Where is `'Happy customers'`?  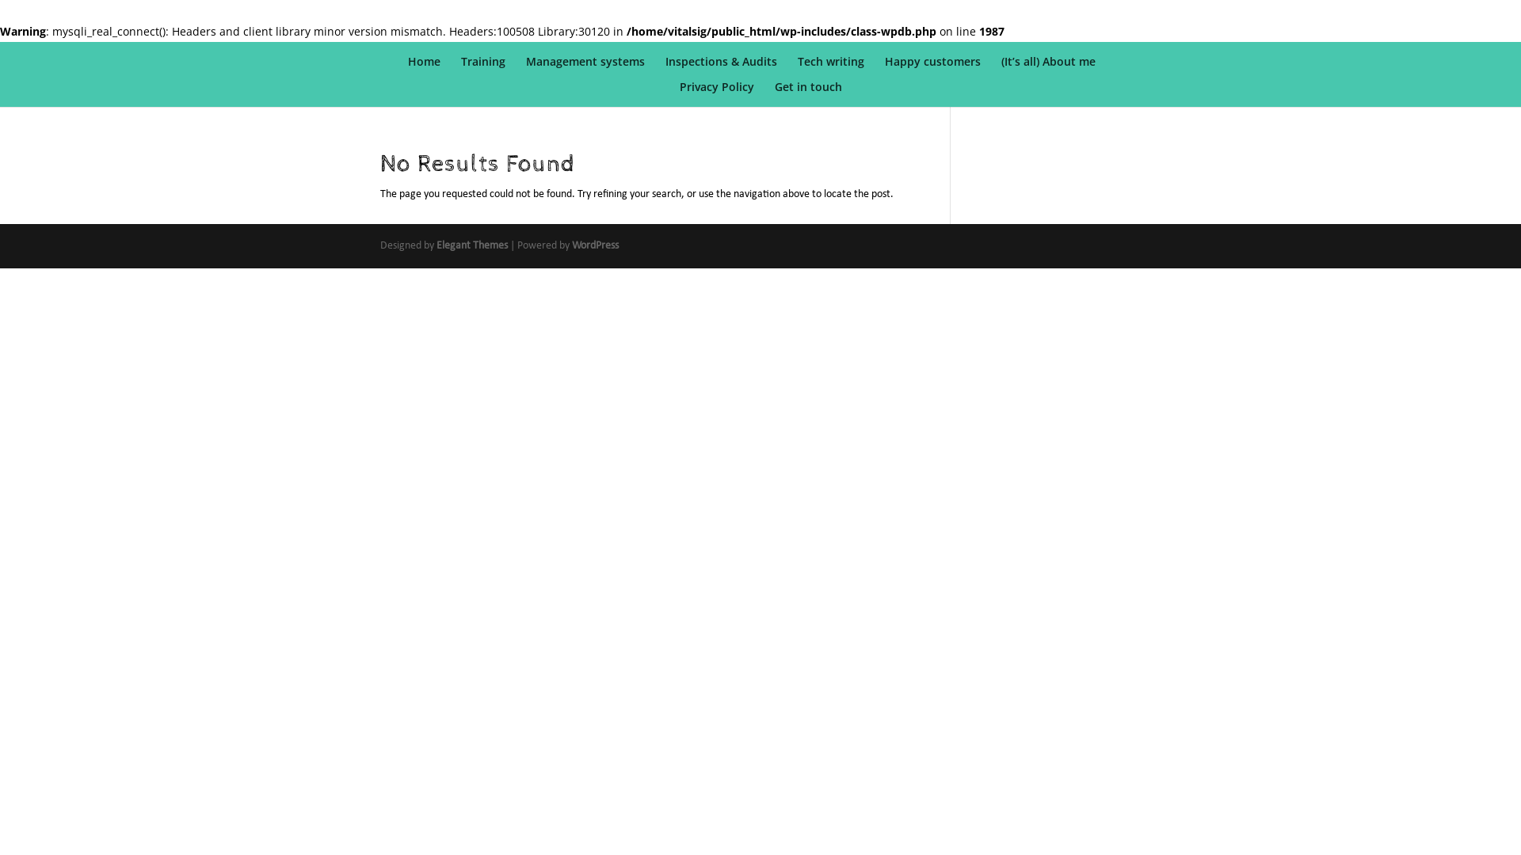 'Happy customers' is located at coordinates (932, 68).